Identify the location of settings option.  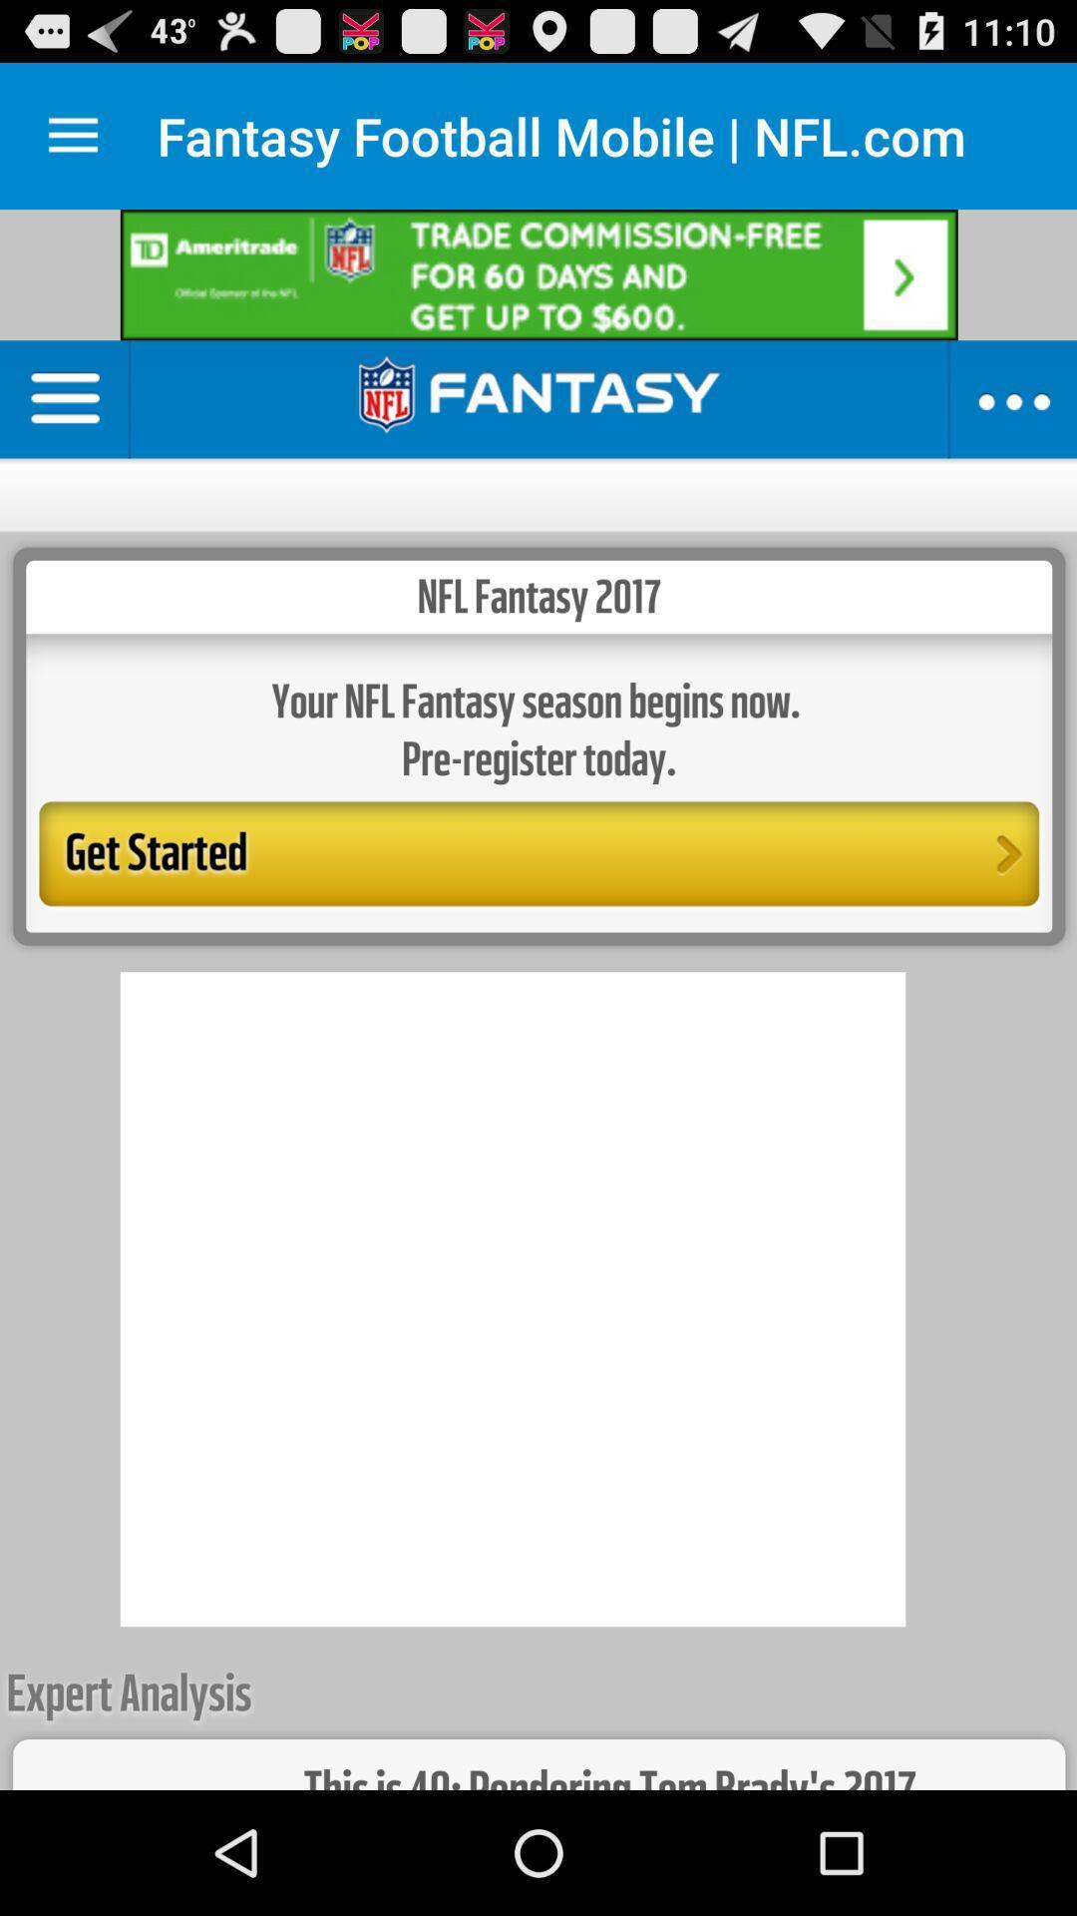
(72, 135).